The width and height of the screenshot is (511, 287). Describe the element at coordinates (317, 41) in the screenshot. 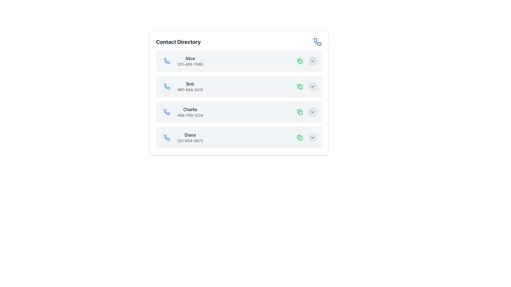

I see `the phone icon located at the top right corner of the contact directory card` at that location.